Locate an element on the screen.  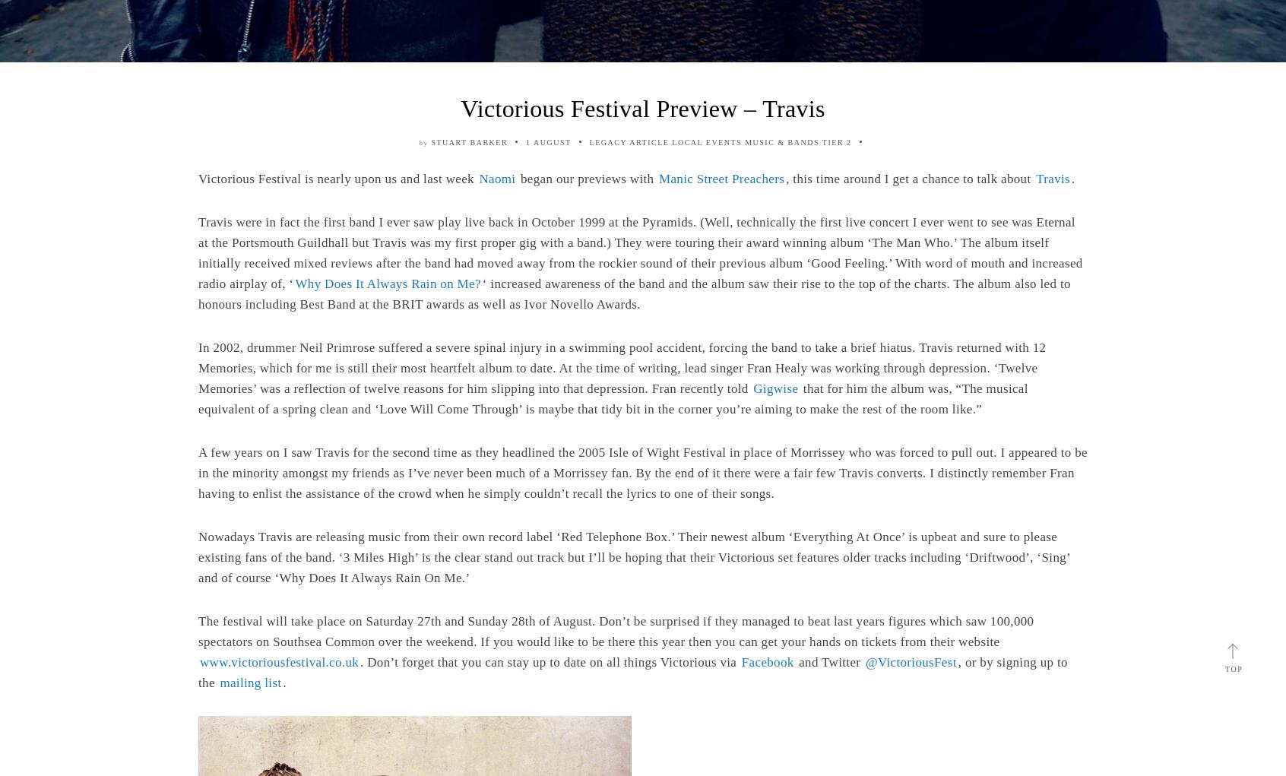
'Legacy Article' is located at coordinates (629, 141).